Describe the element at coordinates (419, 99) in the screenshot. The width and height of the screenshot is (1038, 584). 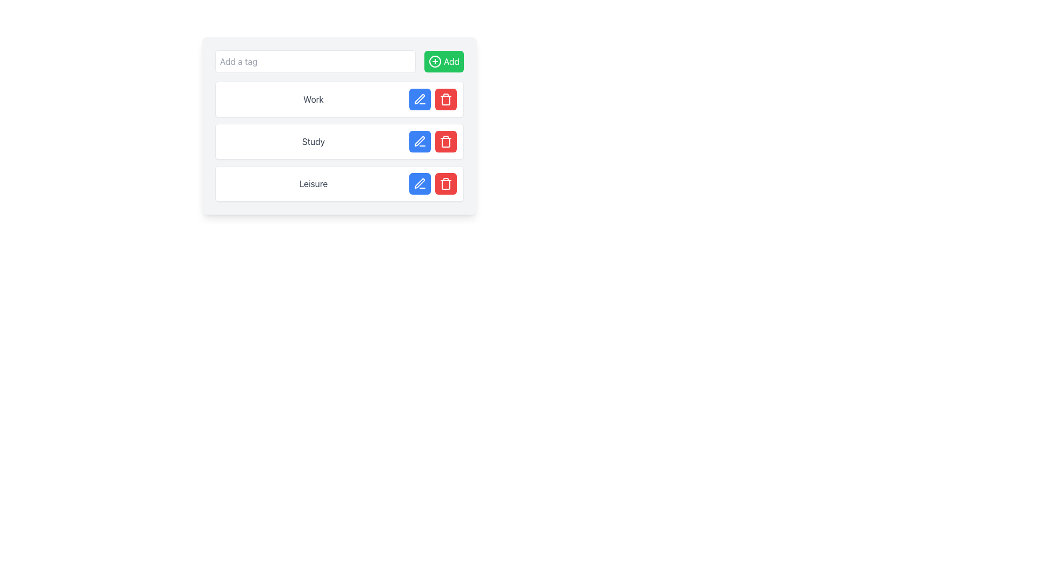
I see `the pen-shaped icon button located on the right side of the 'Work' list item` at that location.